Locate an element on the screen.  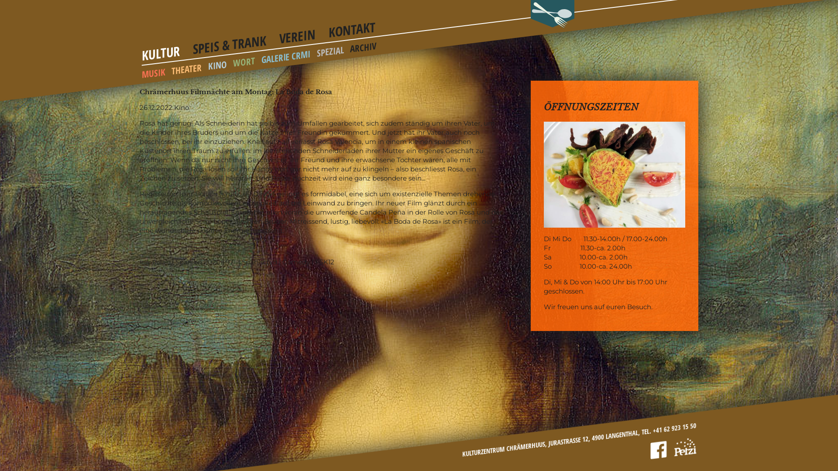
'ARCHIV' is located at coordinates (350, 45).